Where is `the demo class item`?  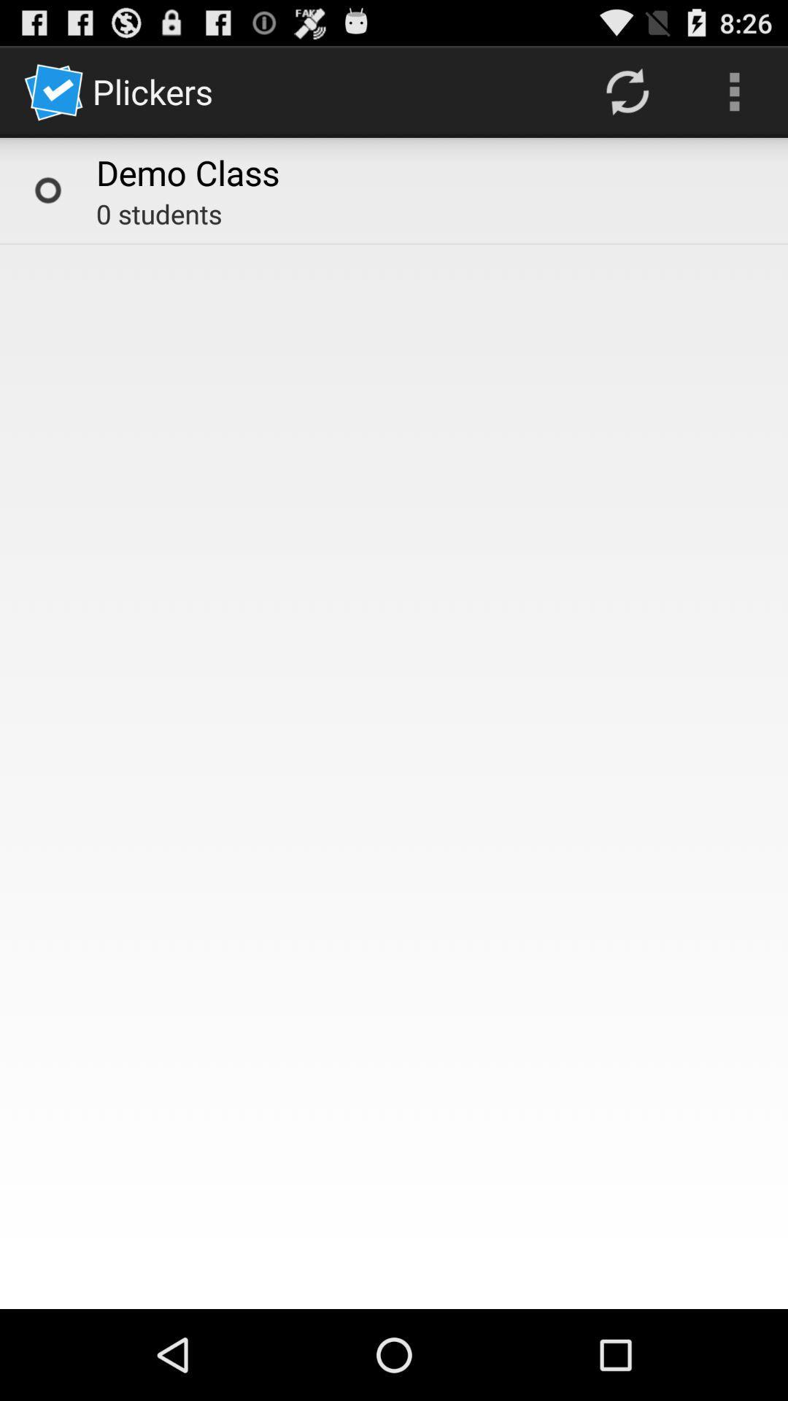 the demo class item is located at coordinates (187, 172).